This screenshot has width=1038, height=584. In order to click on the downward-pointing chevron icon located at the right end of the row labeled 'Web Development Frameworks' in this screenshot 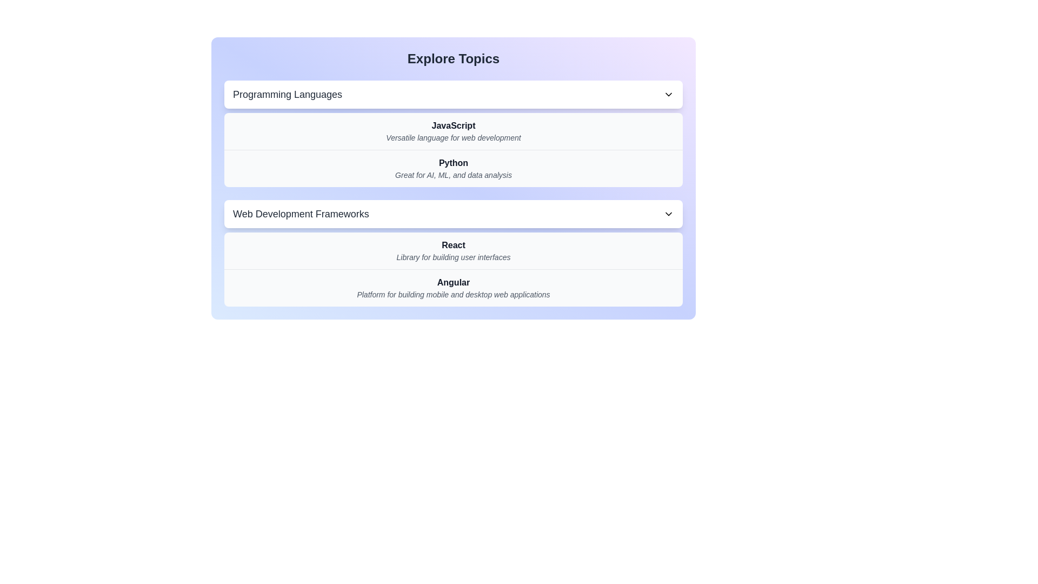, I will do `click(668, 214)`.